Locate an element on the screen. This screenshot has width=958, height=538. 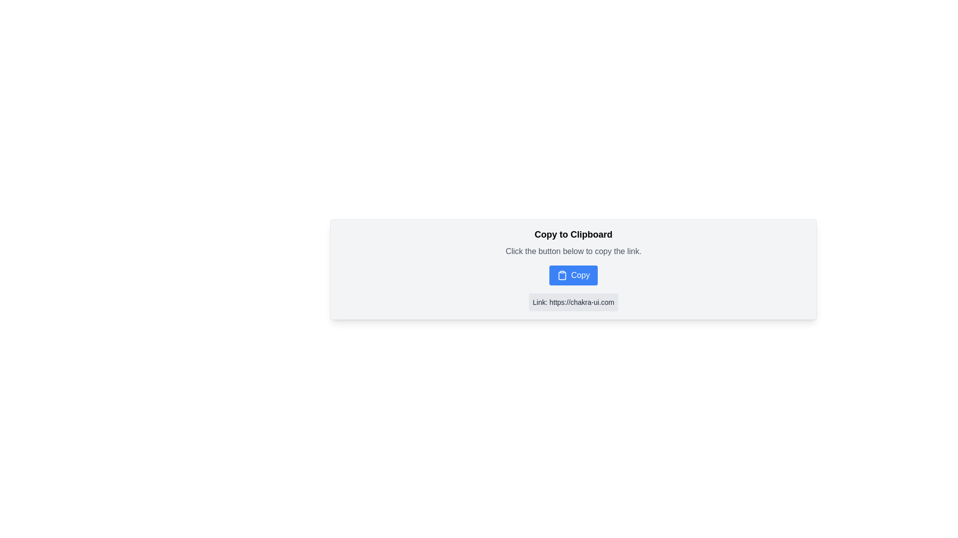
the clipboard SVG graphic icon, which is centrally located within the 'Copy' button and visually represents the clipboard functionality is located at coordinates (562, 275).